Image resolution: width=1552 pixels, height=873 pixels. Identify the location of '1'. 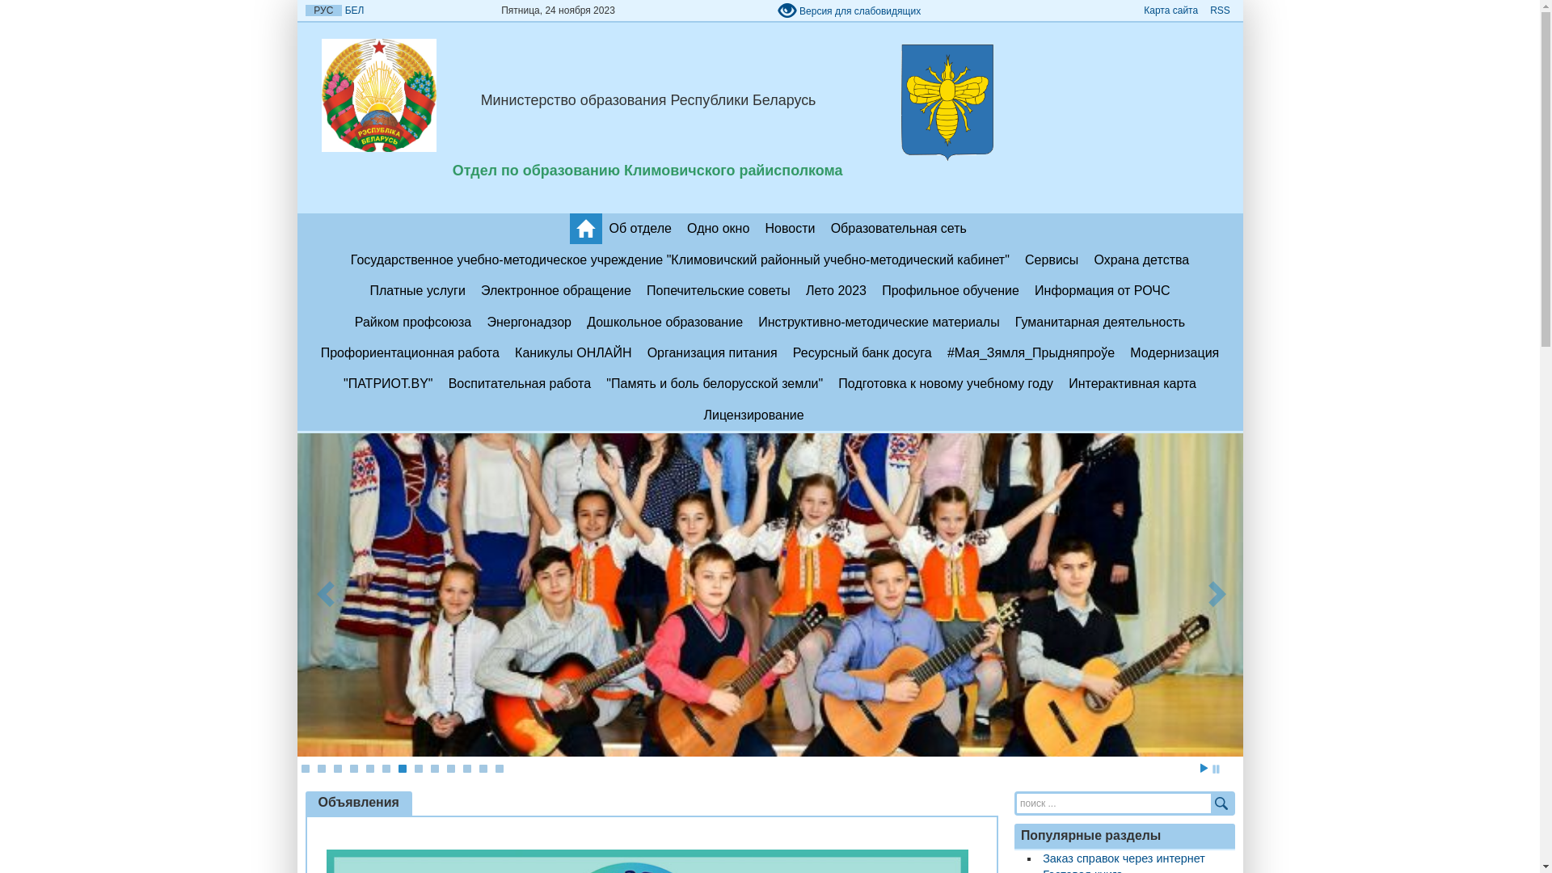
(301, 768).